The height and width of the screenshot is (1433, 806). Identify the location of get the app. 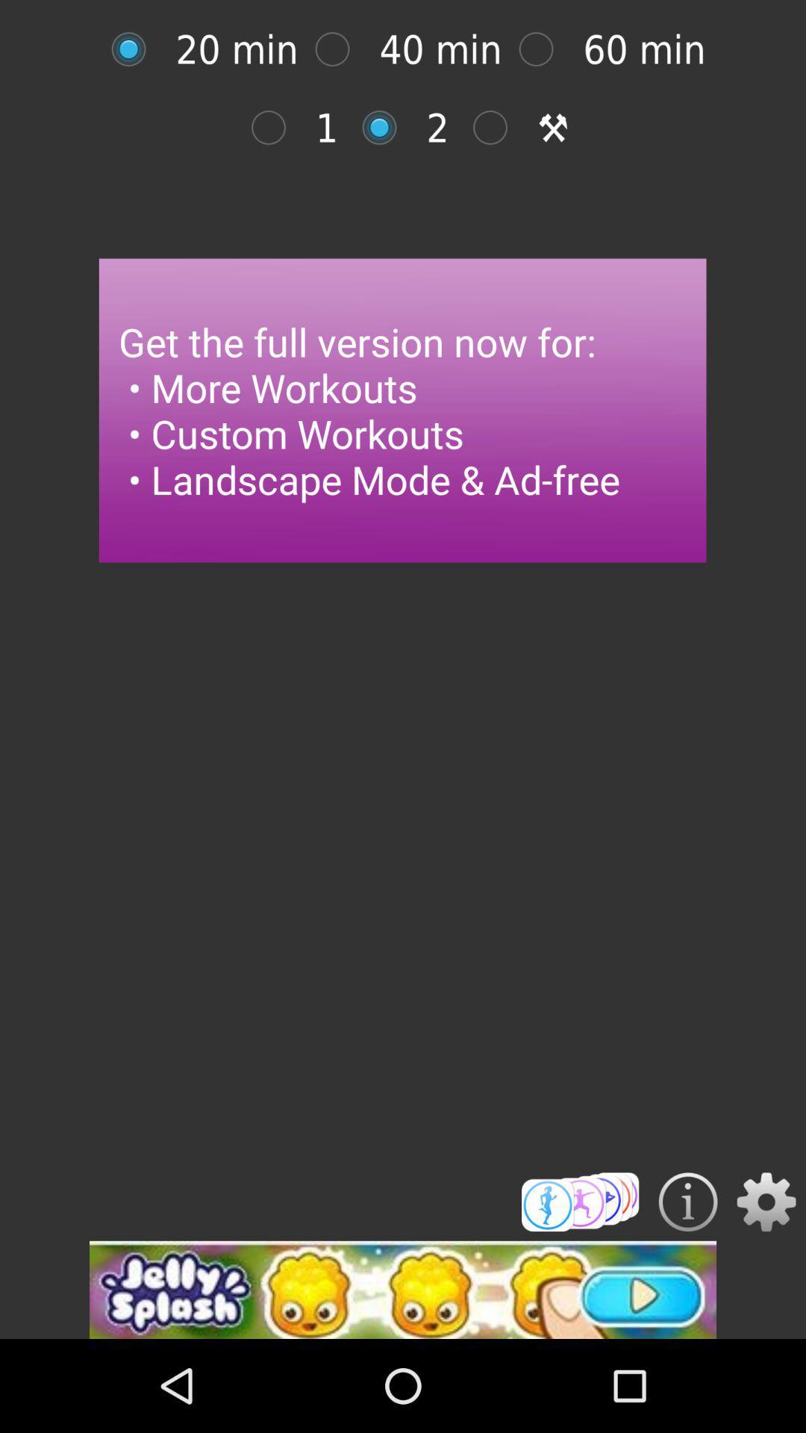
(579, 1202).